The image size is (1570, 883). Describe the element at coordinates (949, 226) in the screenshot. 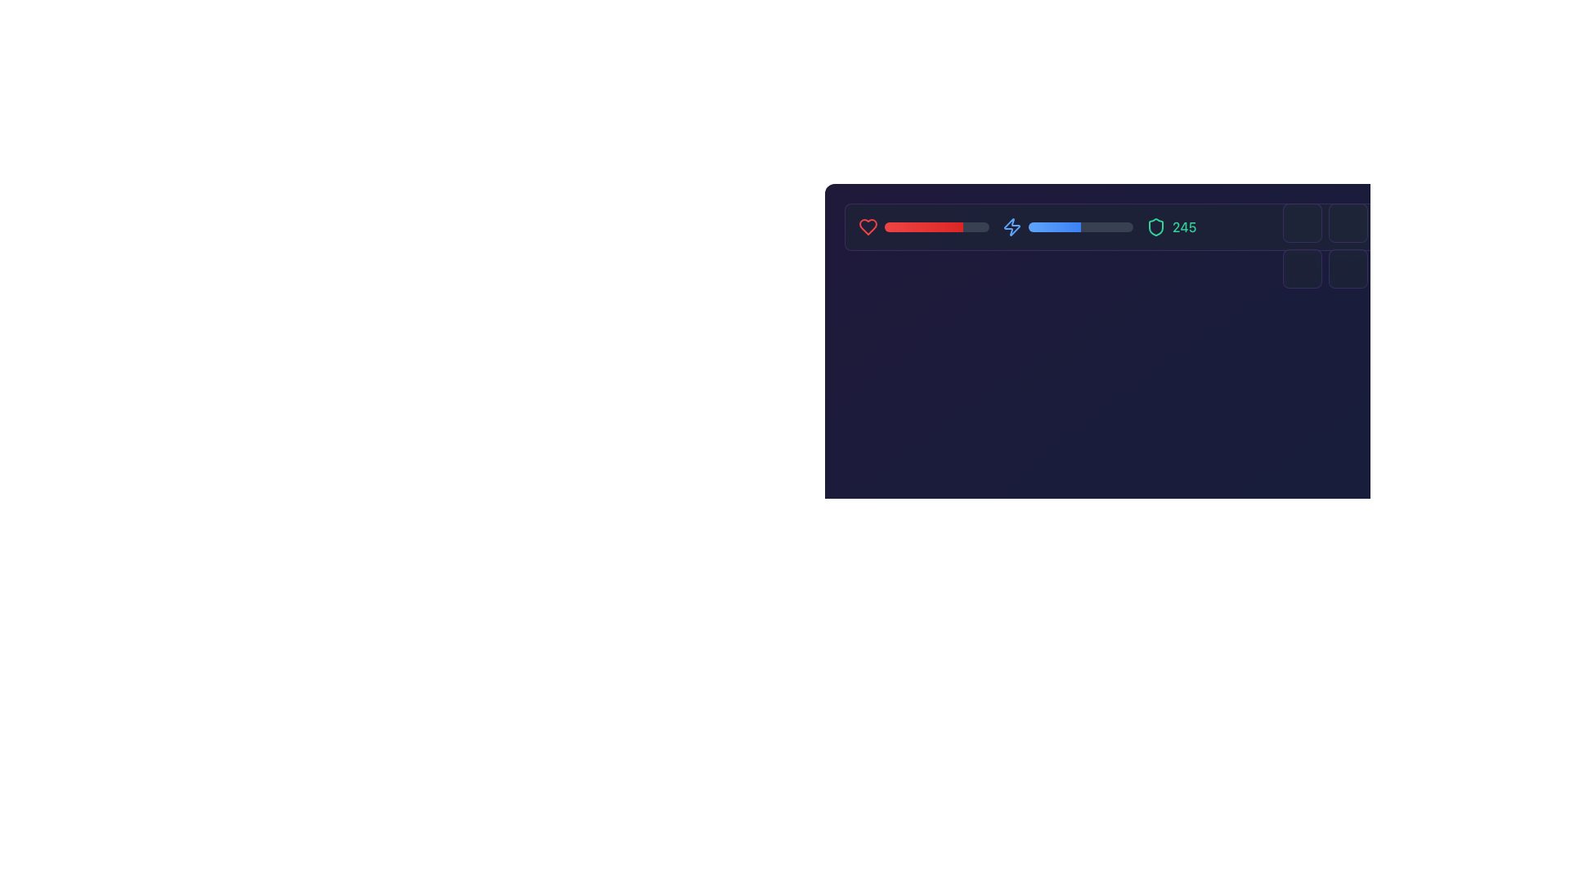

I see `the health bar value` at that location.